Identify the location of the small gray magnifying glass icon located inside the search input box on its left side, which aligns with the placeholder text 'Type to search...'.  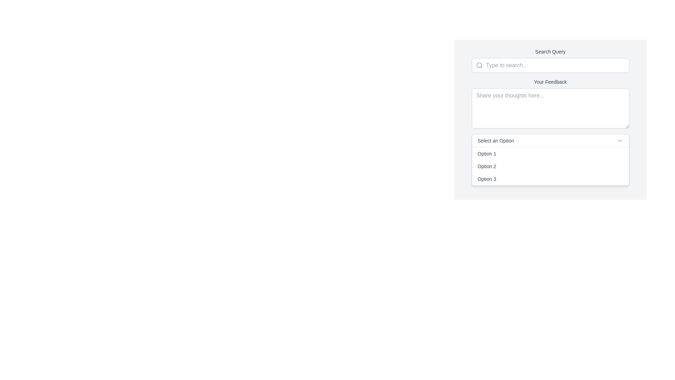
(477, 65).